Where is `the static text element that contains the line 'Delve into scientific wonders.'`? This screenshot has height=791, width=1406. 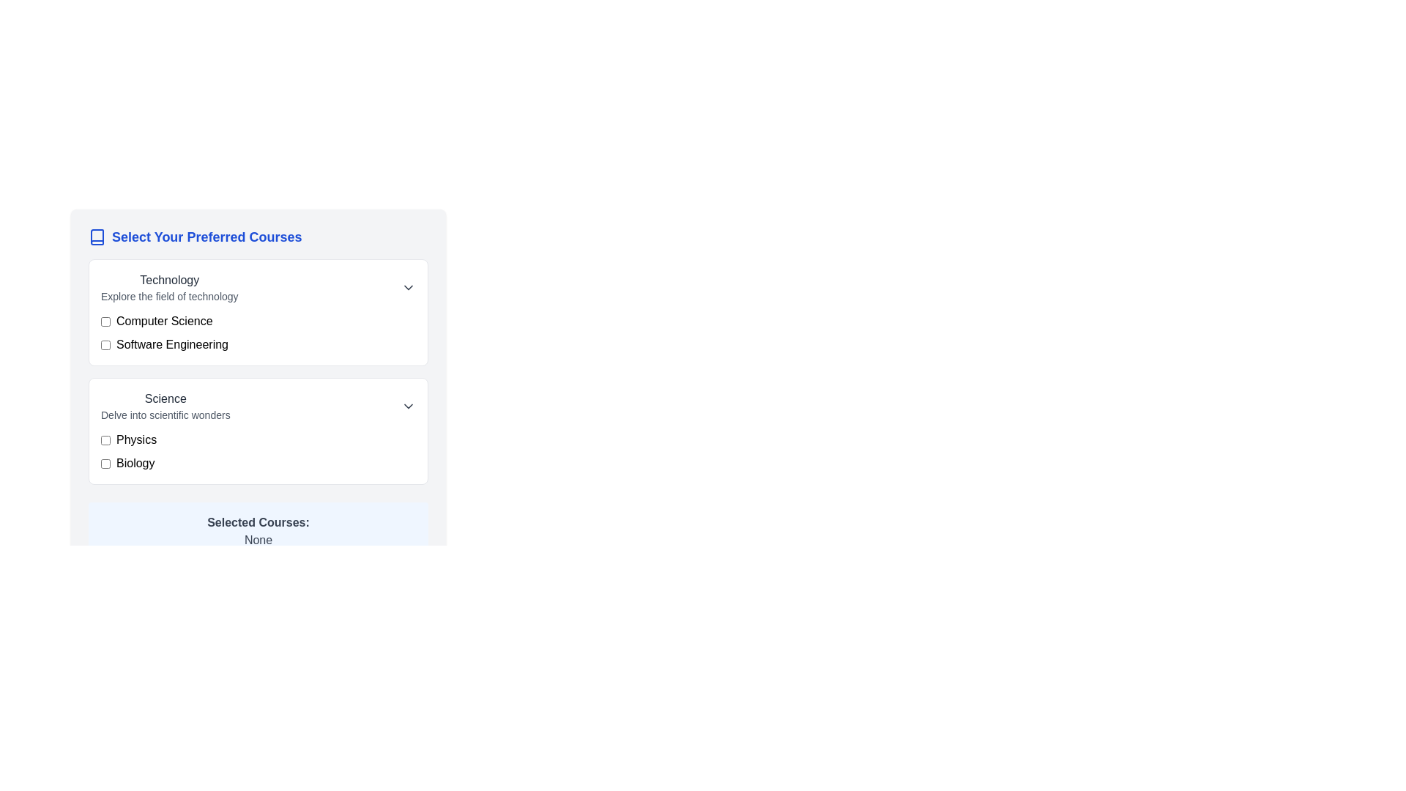
the static text element that contains the line 'Delve into scientific wonders.' is located at coordinates (165, 415).